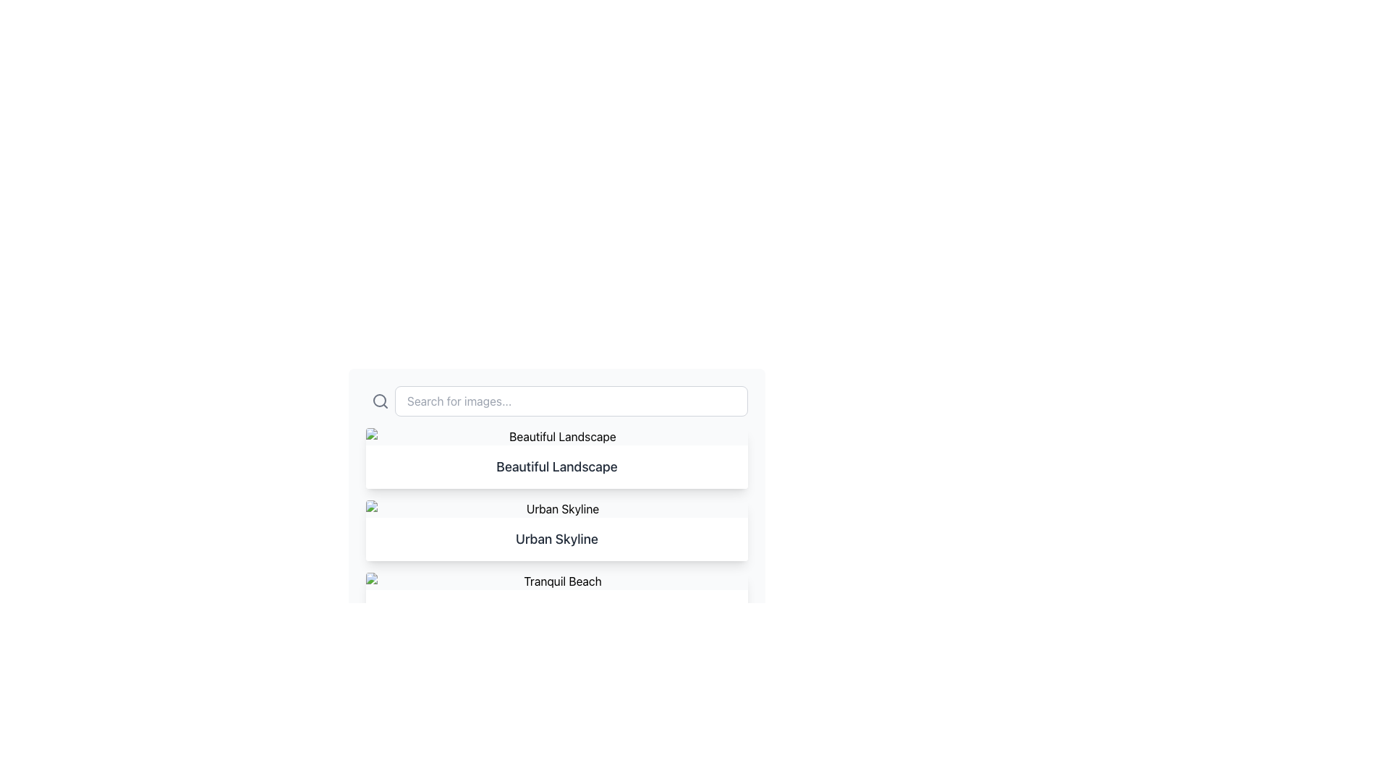 This screenshot has width=1389, height=781. I want to click on the image placeholder that serves as a visual representation for 'Beautiful Landscape', so click(556, 436).